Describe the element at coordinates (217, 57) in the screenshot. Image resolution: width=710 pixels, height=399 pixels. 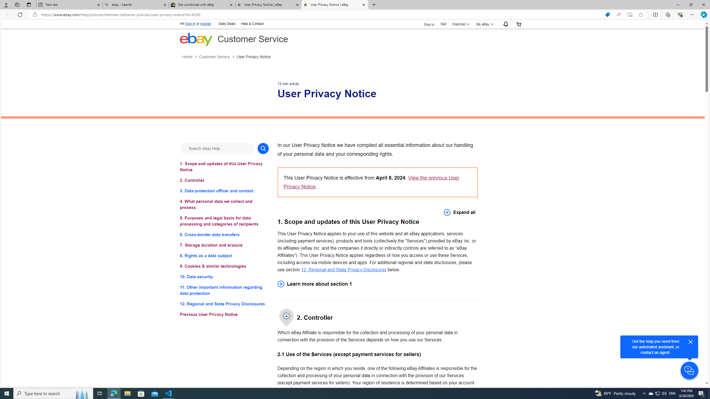
I see `'Customer Service'` at that location.